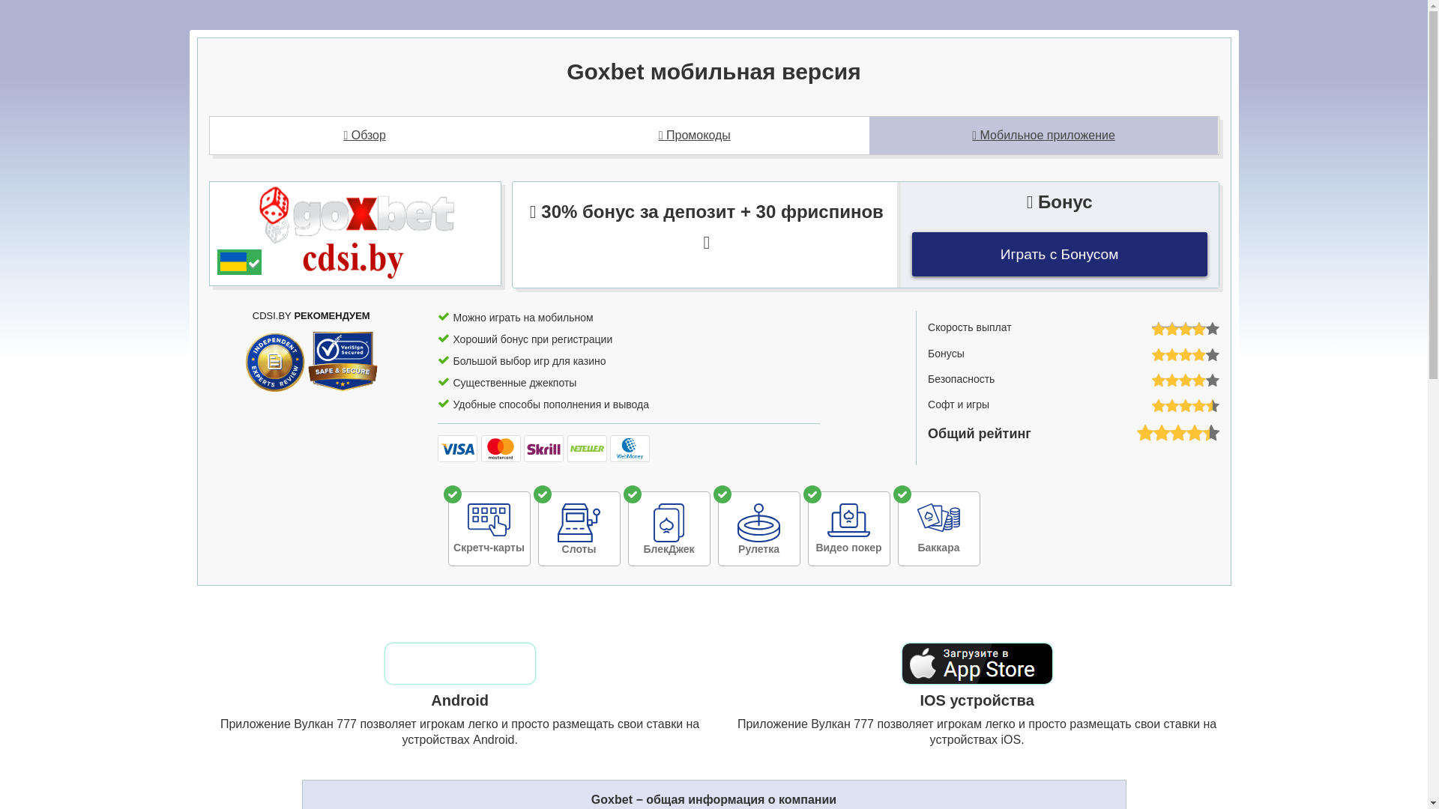  I want to click on 'Visa', so click(437, 447).